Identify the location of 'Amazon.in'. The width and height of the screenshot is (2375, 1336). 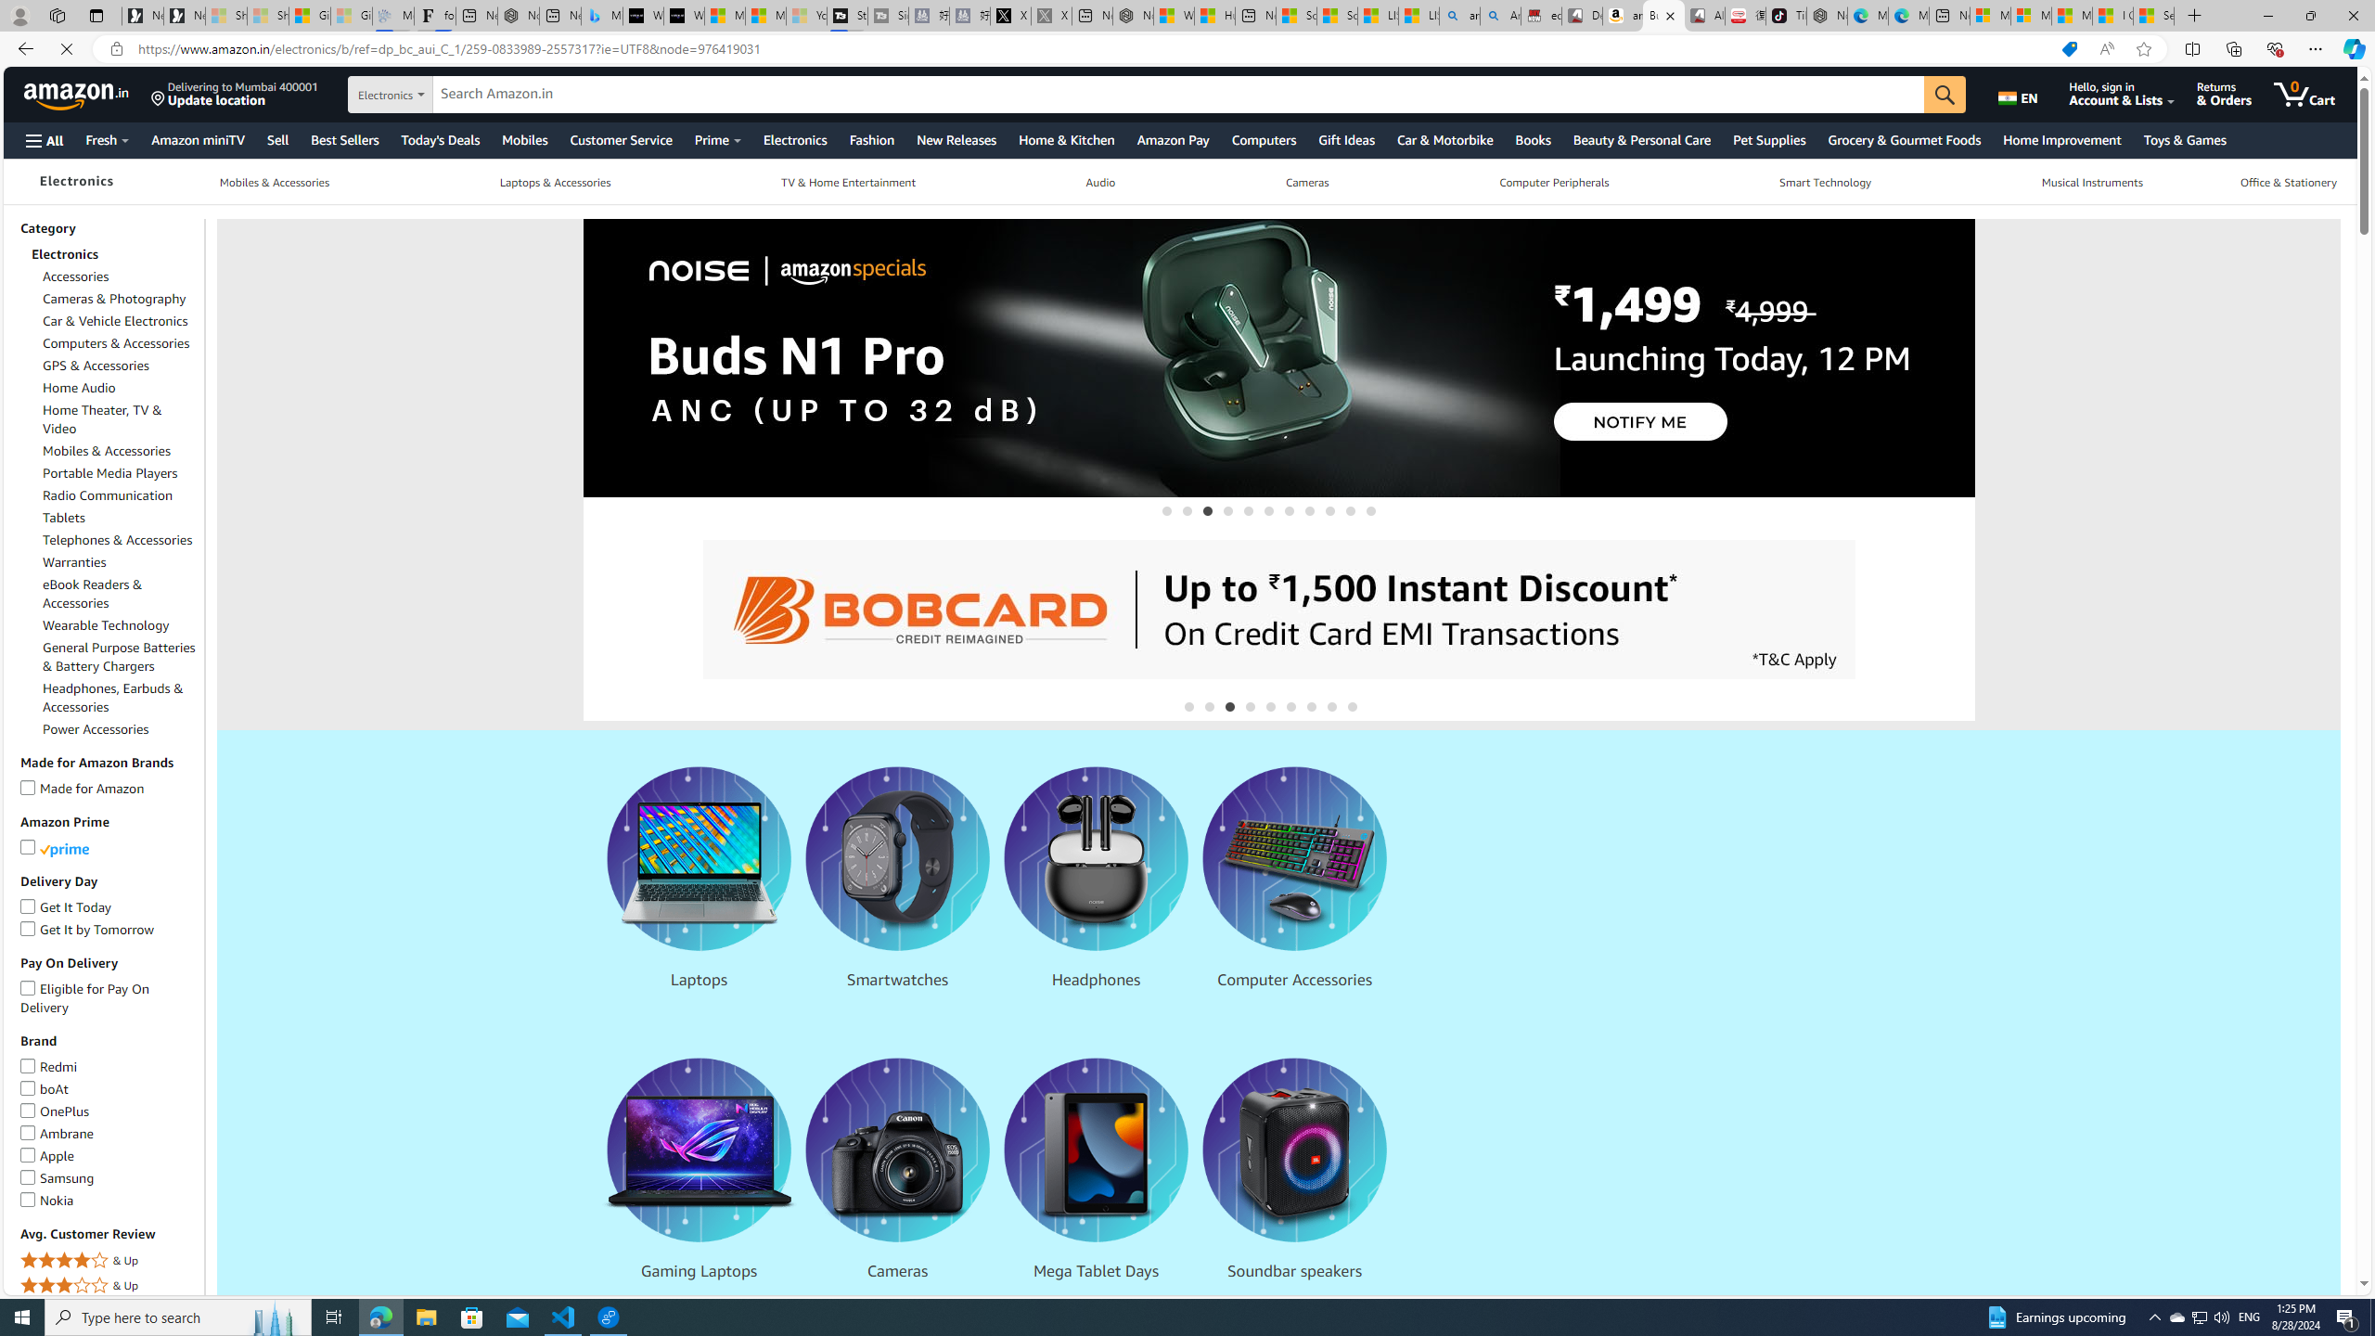
(77, 93).